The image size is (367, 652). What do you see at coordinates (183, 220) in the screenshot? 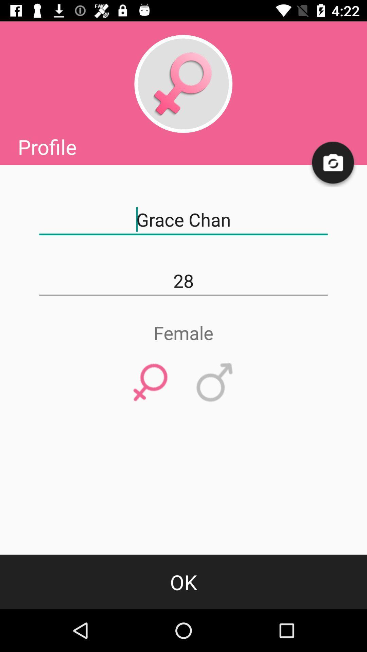
I see `item above the 28 item` at bounding box center [183, 220].